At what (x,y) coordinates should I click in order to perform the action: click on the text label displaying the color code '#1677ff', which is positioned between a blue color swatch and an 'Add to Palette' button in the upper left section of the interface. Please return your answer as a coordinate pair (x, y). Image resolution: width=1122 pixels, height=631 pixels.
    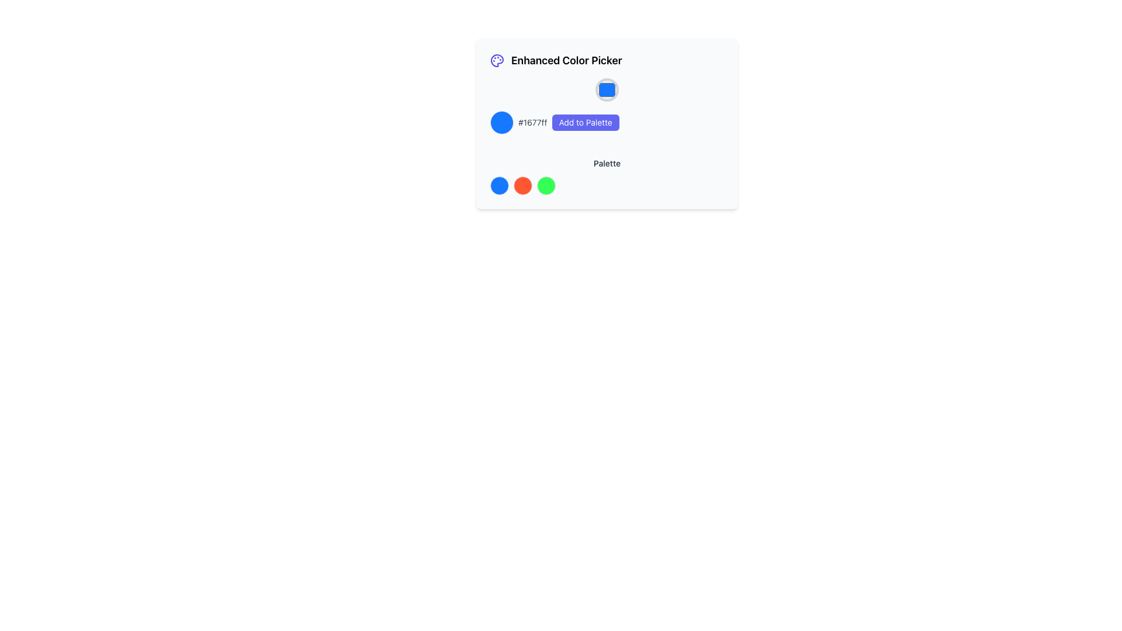
    Looking at the image, I should click on (532, 122).